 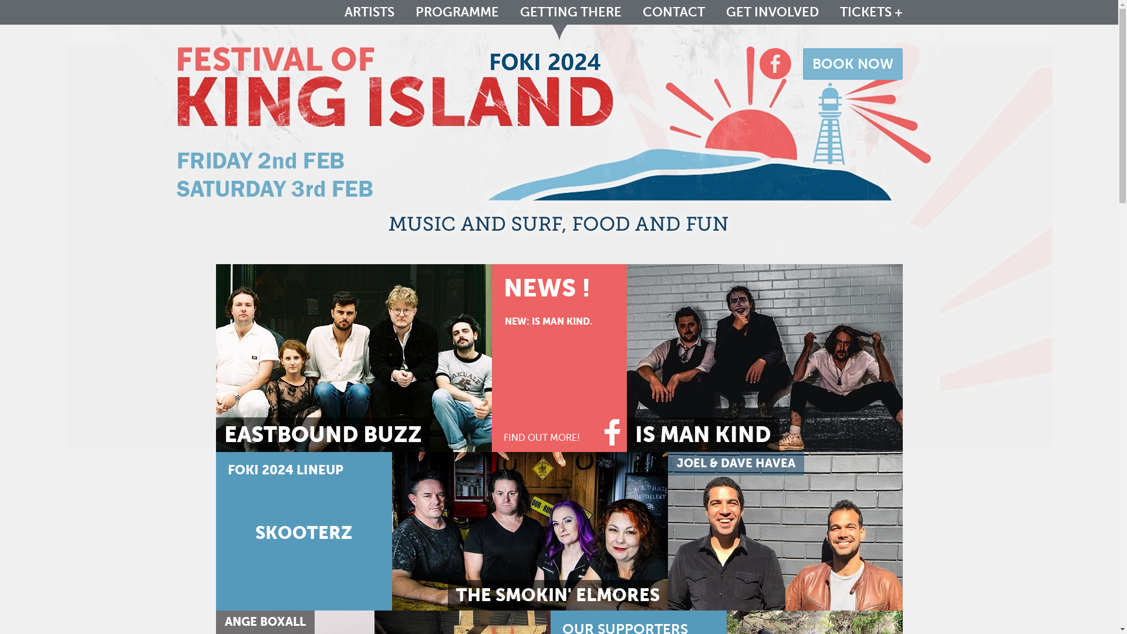 What do you see at coordinates (368, 12) in the screenshot?
I see `'ARTISTS'` at bounding box center [368, 12].